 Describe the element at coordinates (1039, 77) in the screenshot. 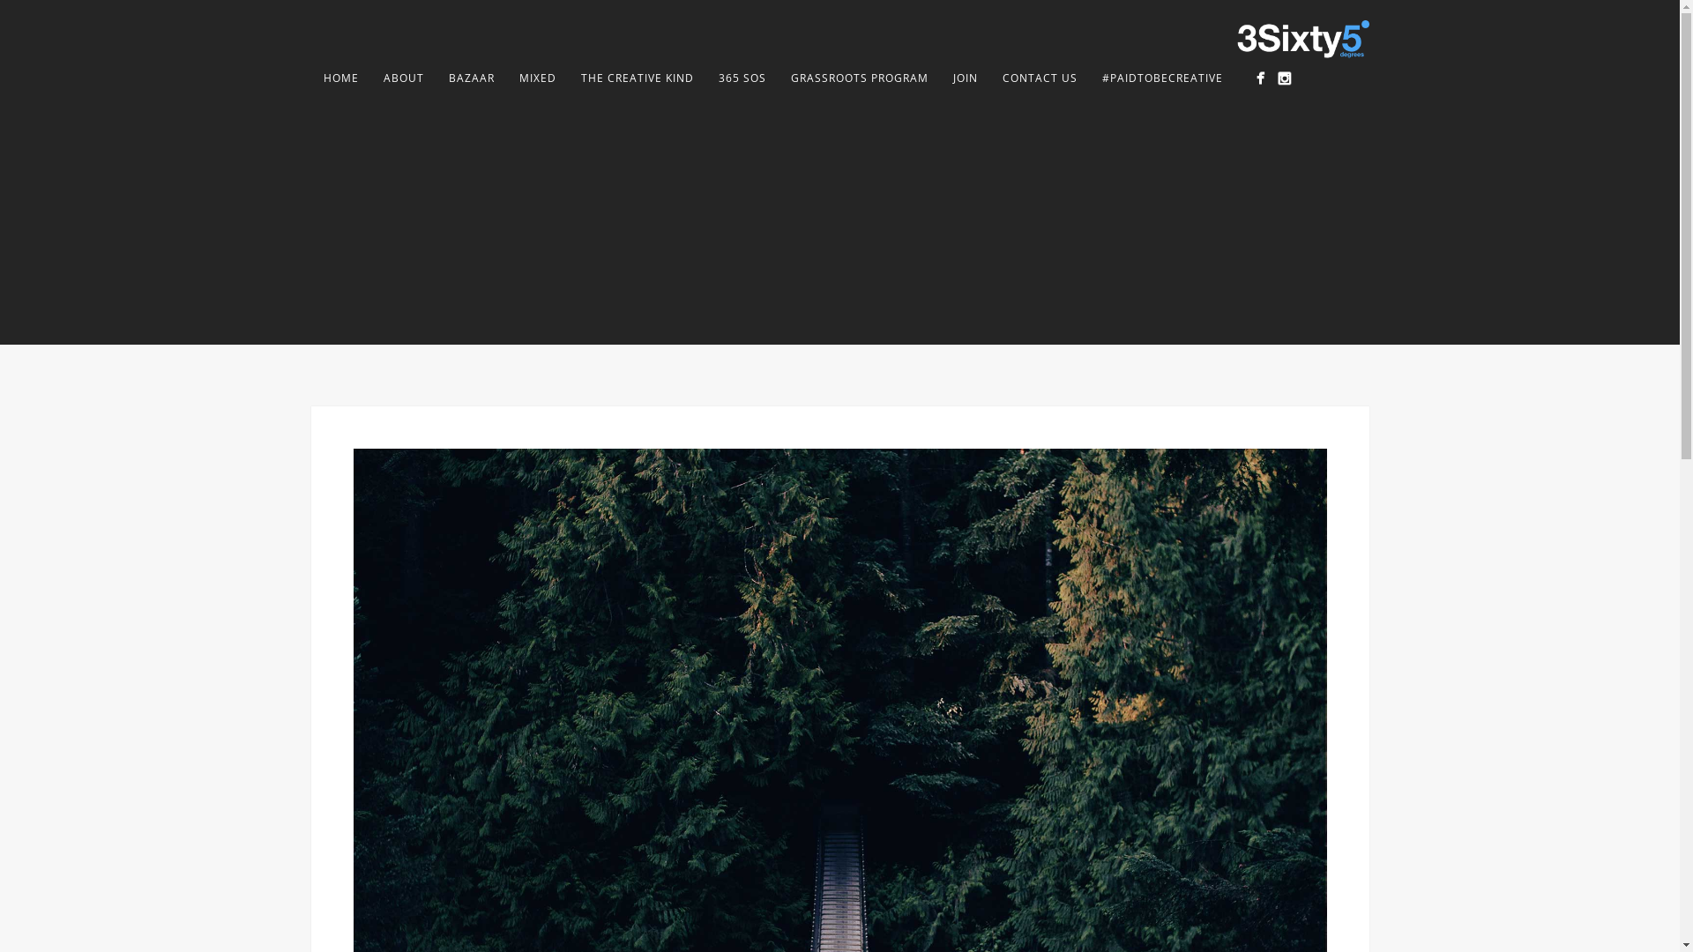

I see `'CONTACT US'` at that location.